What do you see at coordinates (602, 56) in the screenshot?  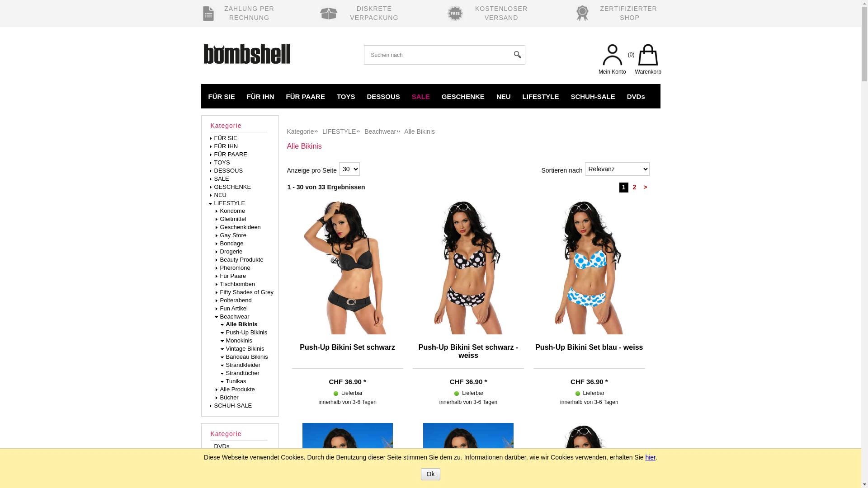 I see `'Mein Konto'` at bounding box center [602, 56].